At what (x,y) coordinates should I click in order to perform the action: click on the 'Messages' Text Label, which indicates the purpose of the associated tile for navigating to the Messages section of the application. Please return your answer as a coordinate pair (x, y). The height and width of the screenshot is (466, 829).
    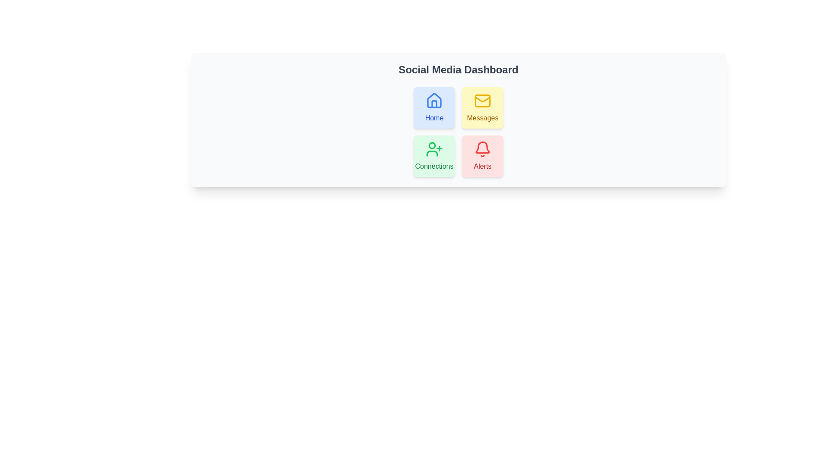
    Looking at the image, I should click on (482, 118).